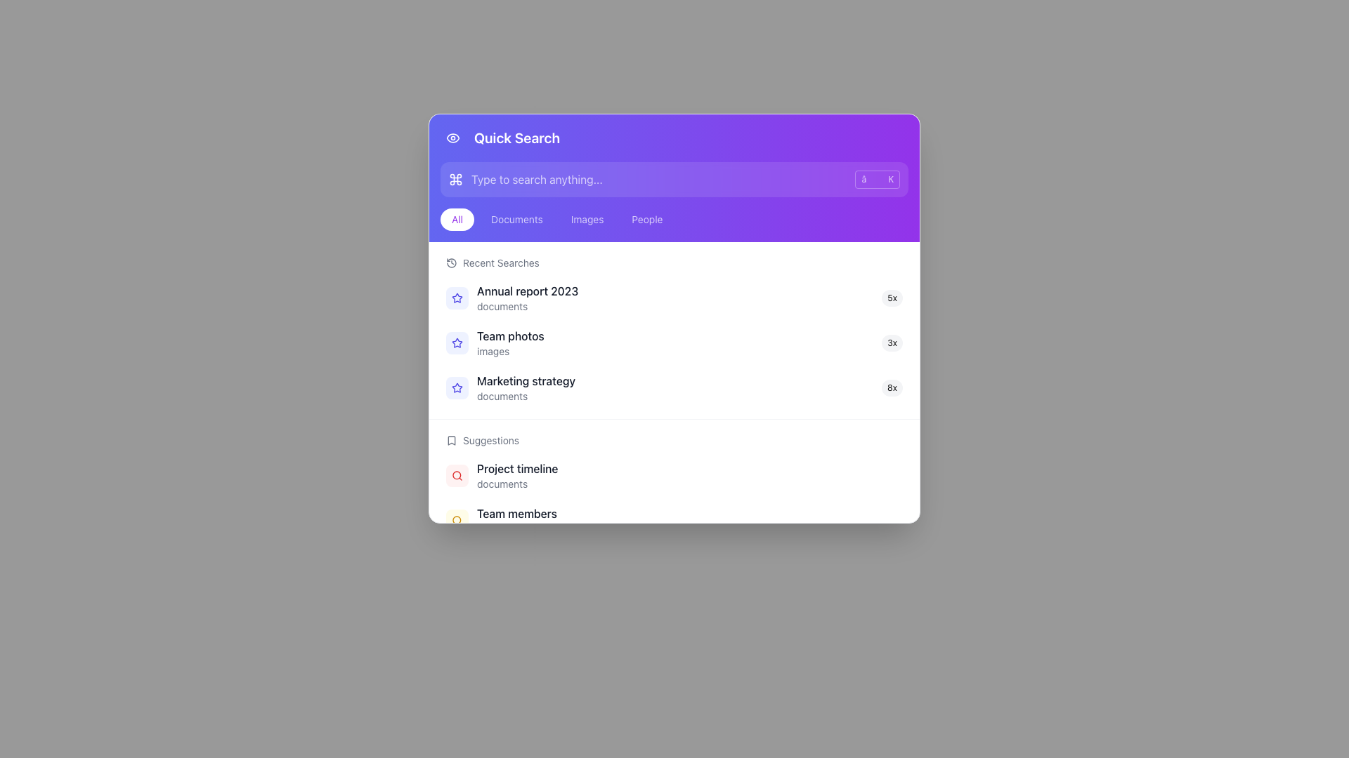 The image size is (1349, 758). What do you see at coordinates (892, 297) in the screenshot?
I see `the badge labeled '5x' located in the 'Recent Searches' section next to 'Annual report 2023'` at bounding box center [892, 297].